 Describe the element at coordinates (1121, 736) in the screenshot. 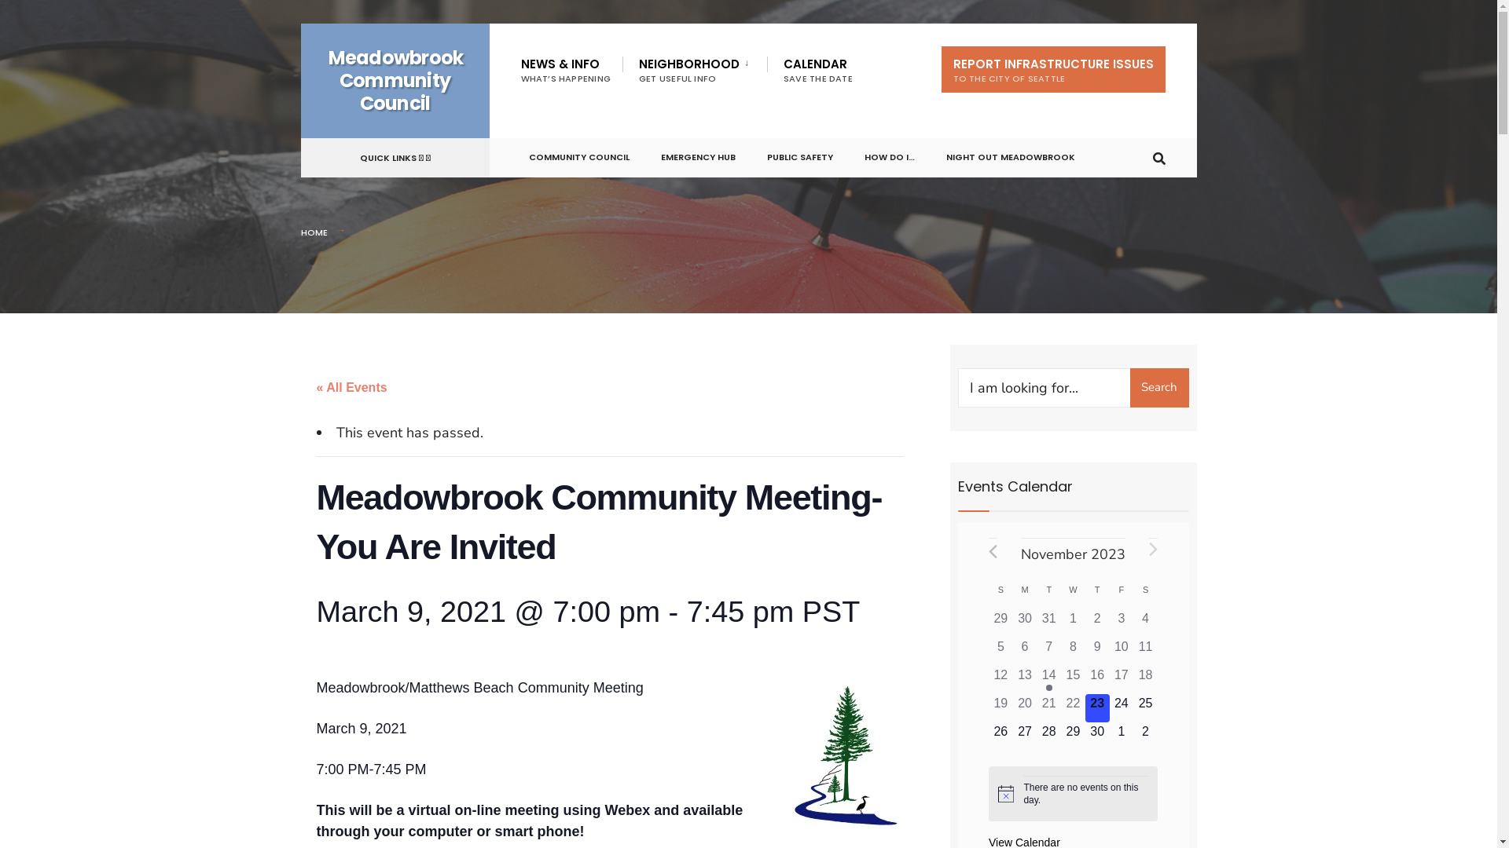

I see `'0 events,` at that location.